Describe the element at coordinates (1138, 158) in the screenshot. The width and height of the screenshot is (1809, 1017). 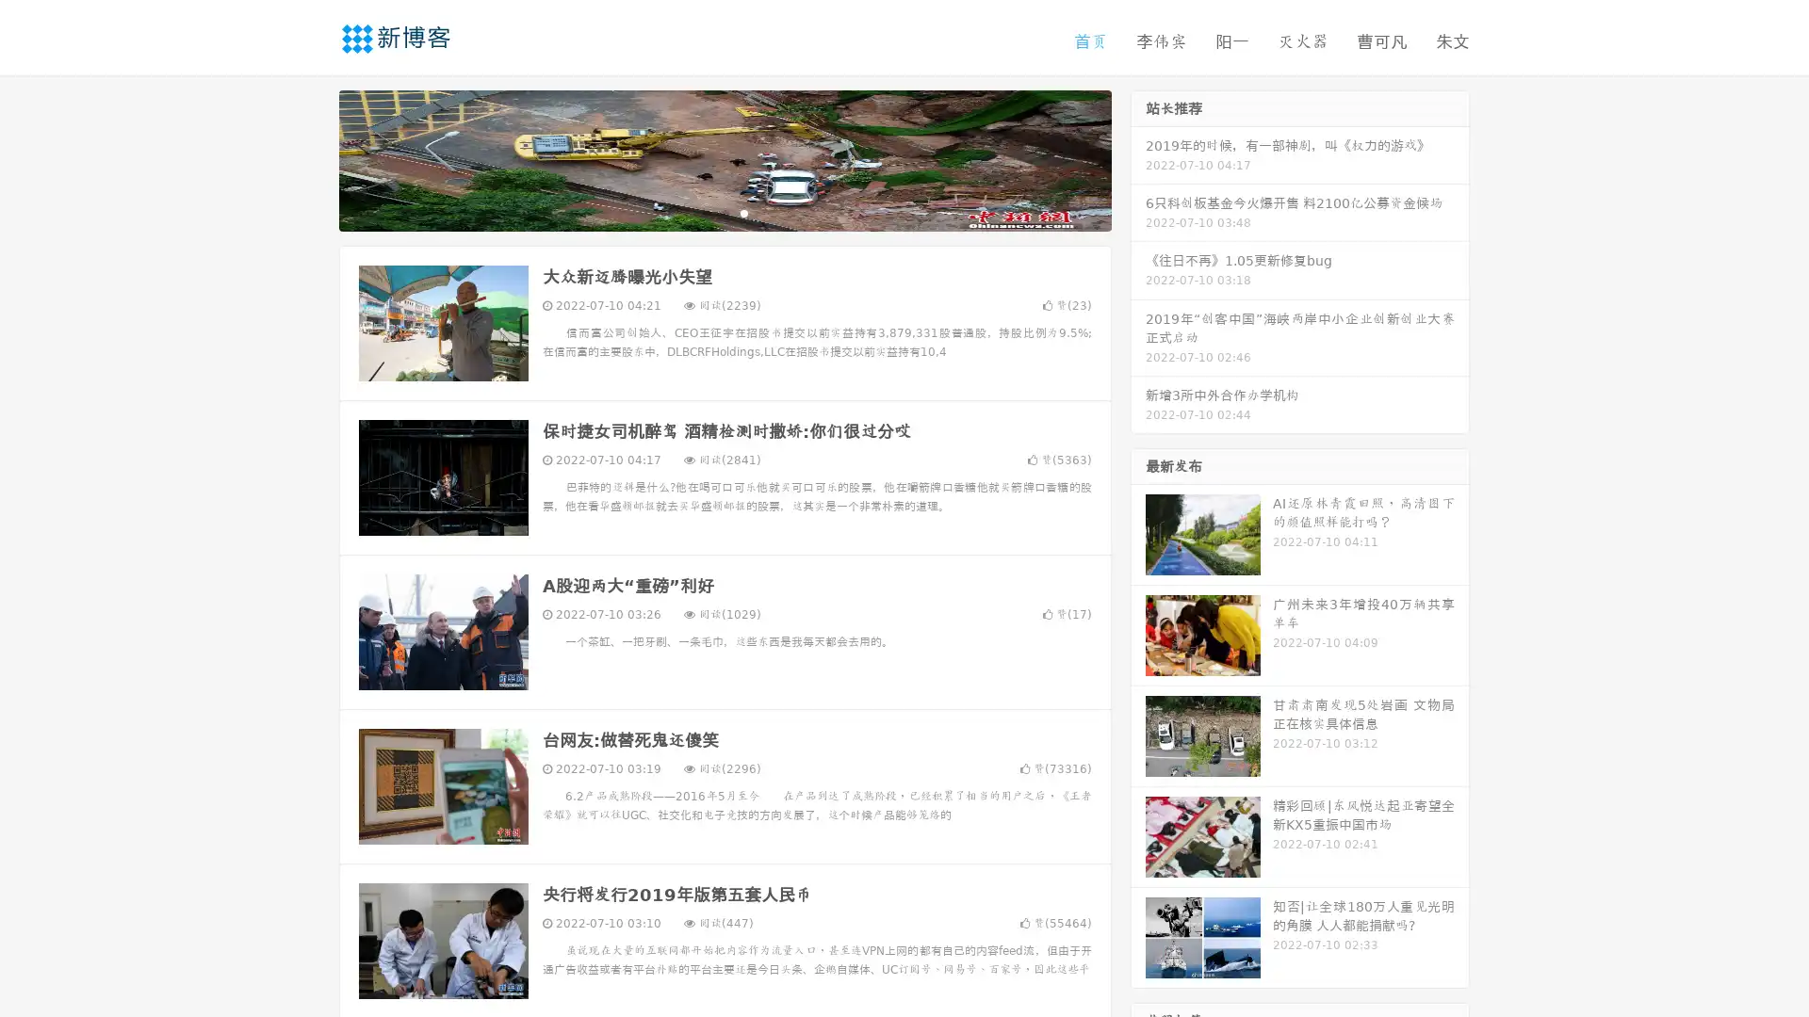
I see `Next slide` at that location.